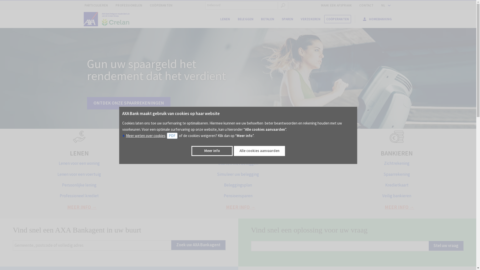  I want to click on 'Zichtrekening', so click(396, 163).